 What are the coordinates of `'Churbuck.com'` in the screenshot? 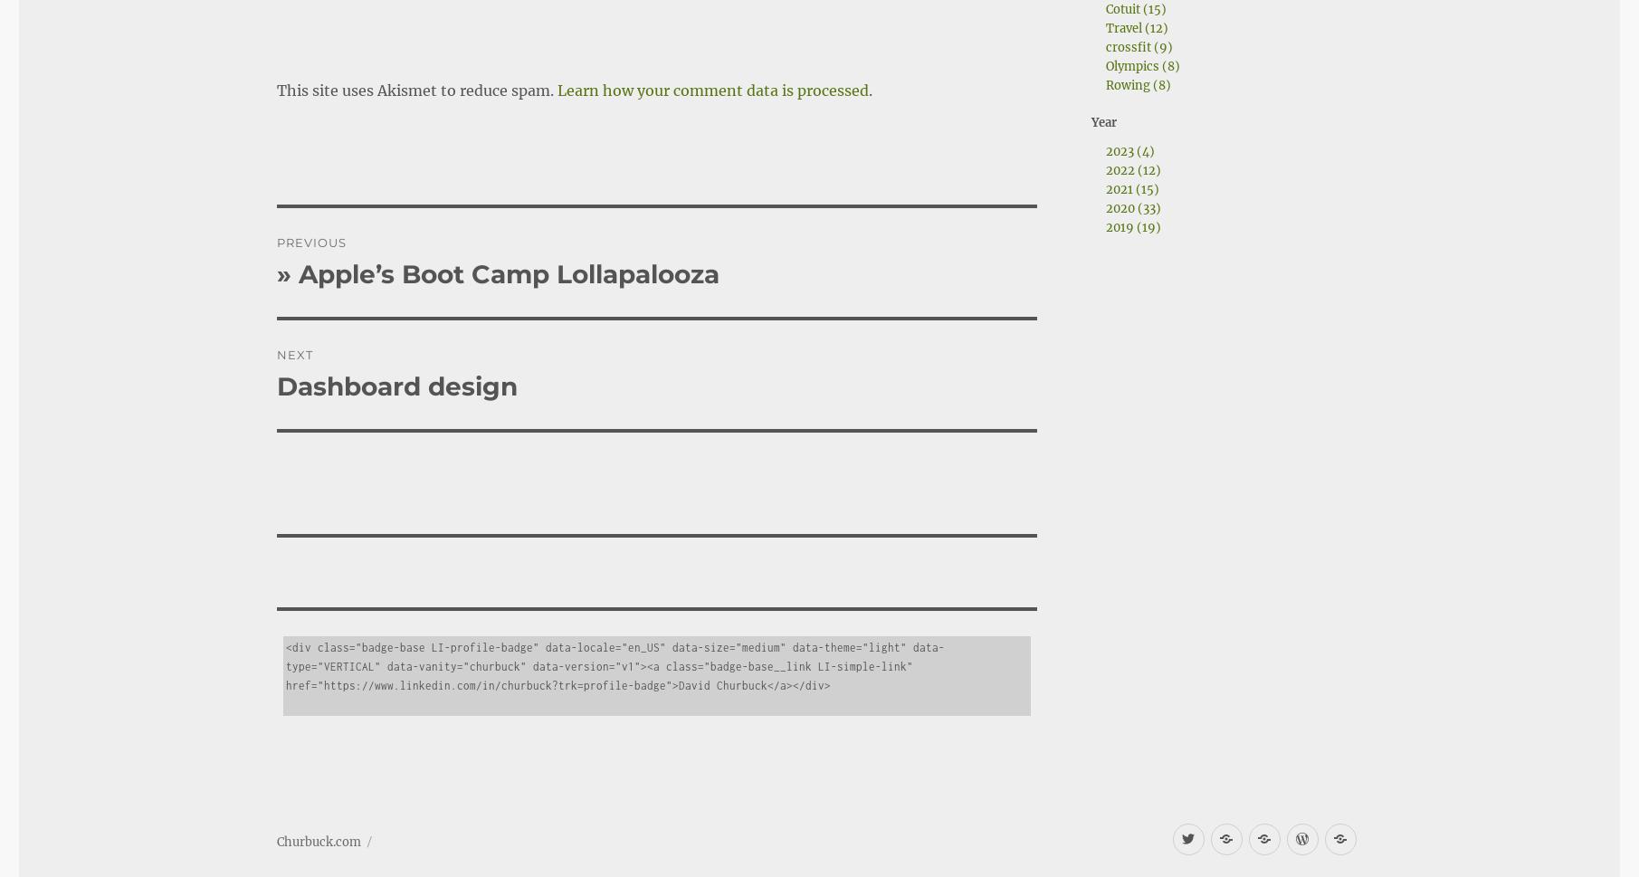 It's located at (317, 791).